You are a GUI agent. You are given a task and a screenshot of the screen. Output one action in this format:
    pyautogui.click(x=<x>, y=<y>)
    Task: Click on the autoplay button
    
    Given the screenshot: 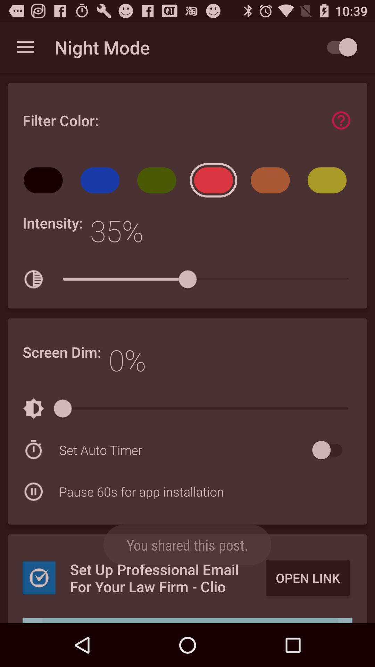 What is the action you would take?
    pyautogui.click(x=338, y=47)
    